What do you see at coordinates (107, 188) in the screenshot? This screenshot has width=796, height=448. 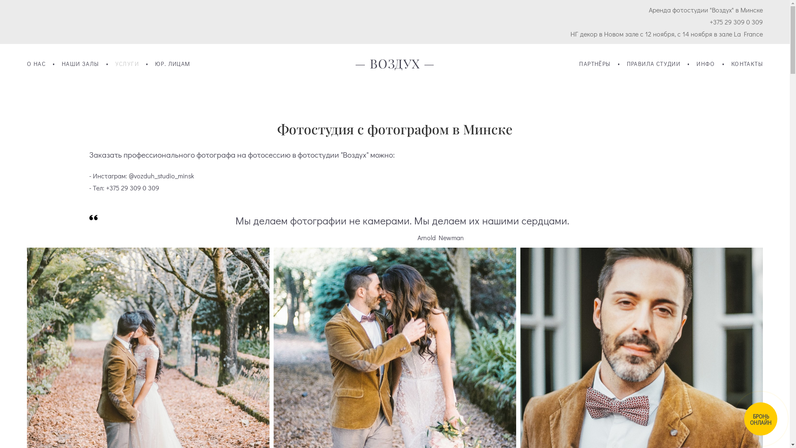 I see `'+'` at bounding box center [107, 188].